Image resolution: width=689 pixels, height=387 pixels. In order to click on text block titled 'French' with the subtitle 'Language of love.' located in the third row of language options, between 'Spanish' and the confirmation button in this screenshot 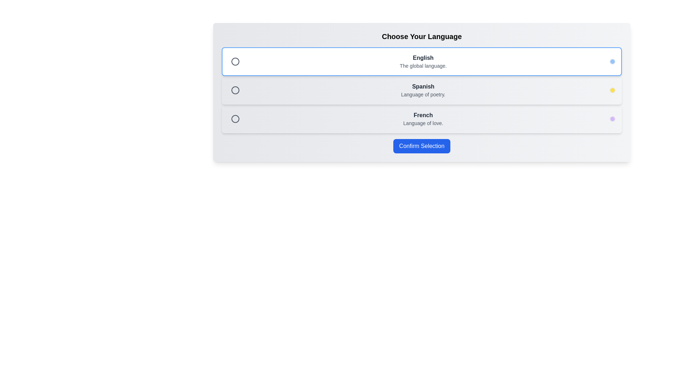, I will do `click(423, 118)`.